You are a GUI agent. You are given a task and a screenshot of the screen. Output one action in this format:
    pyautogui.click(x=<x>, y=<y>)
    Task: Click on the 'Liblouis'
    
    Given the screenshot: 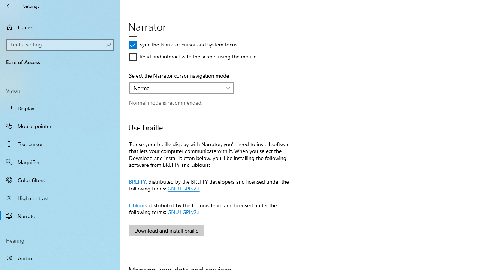 What is the action you would take?
    pyautogui.click(x=138, y=205)
    